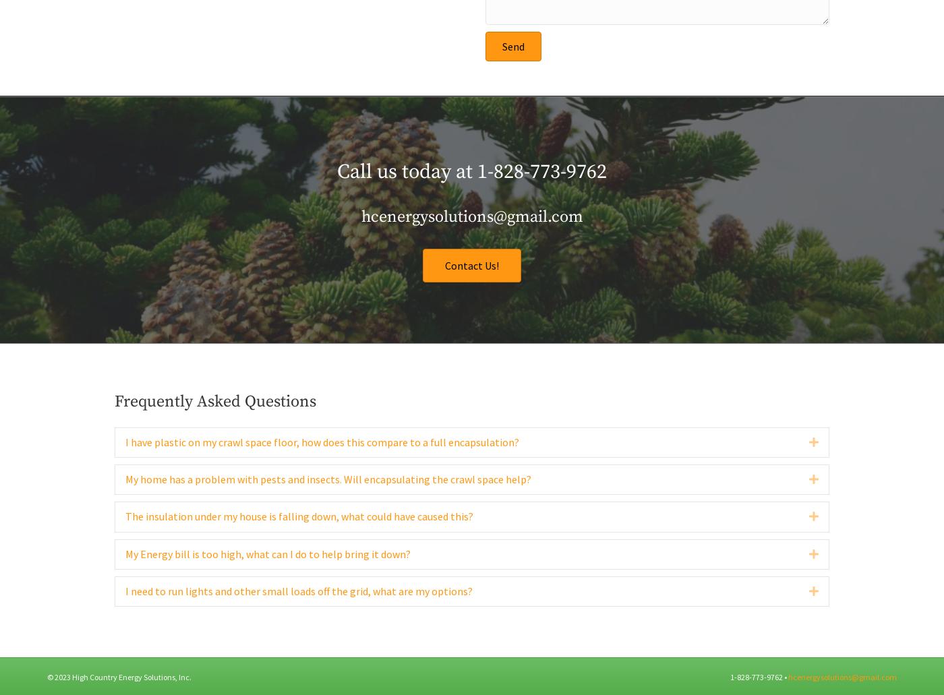 The height and width of the screenshot is (695, 944). Describe the element at coordinates (472, 200) in the screenshot. I see `'Call us today at 1-828-773-9762'` at that location.